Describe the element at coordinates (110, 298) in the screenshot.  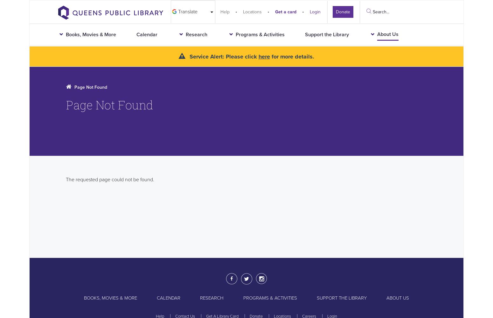
I see `'Books, Movies & More'` at that location.